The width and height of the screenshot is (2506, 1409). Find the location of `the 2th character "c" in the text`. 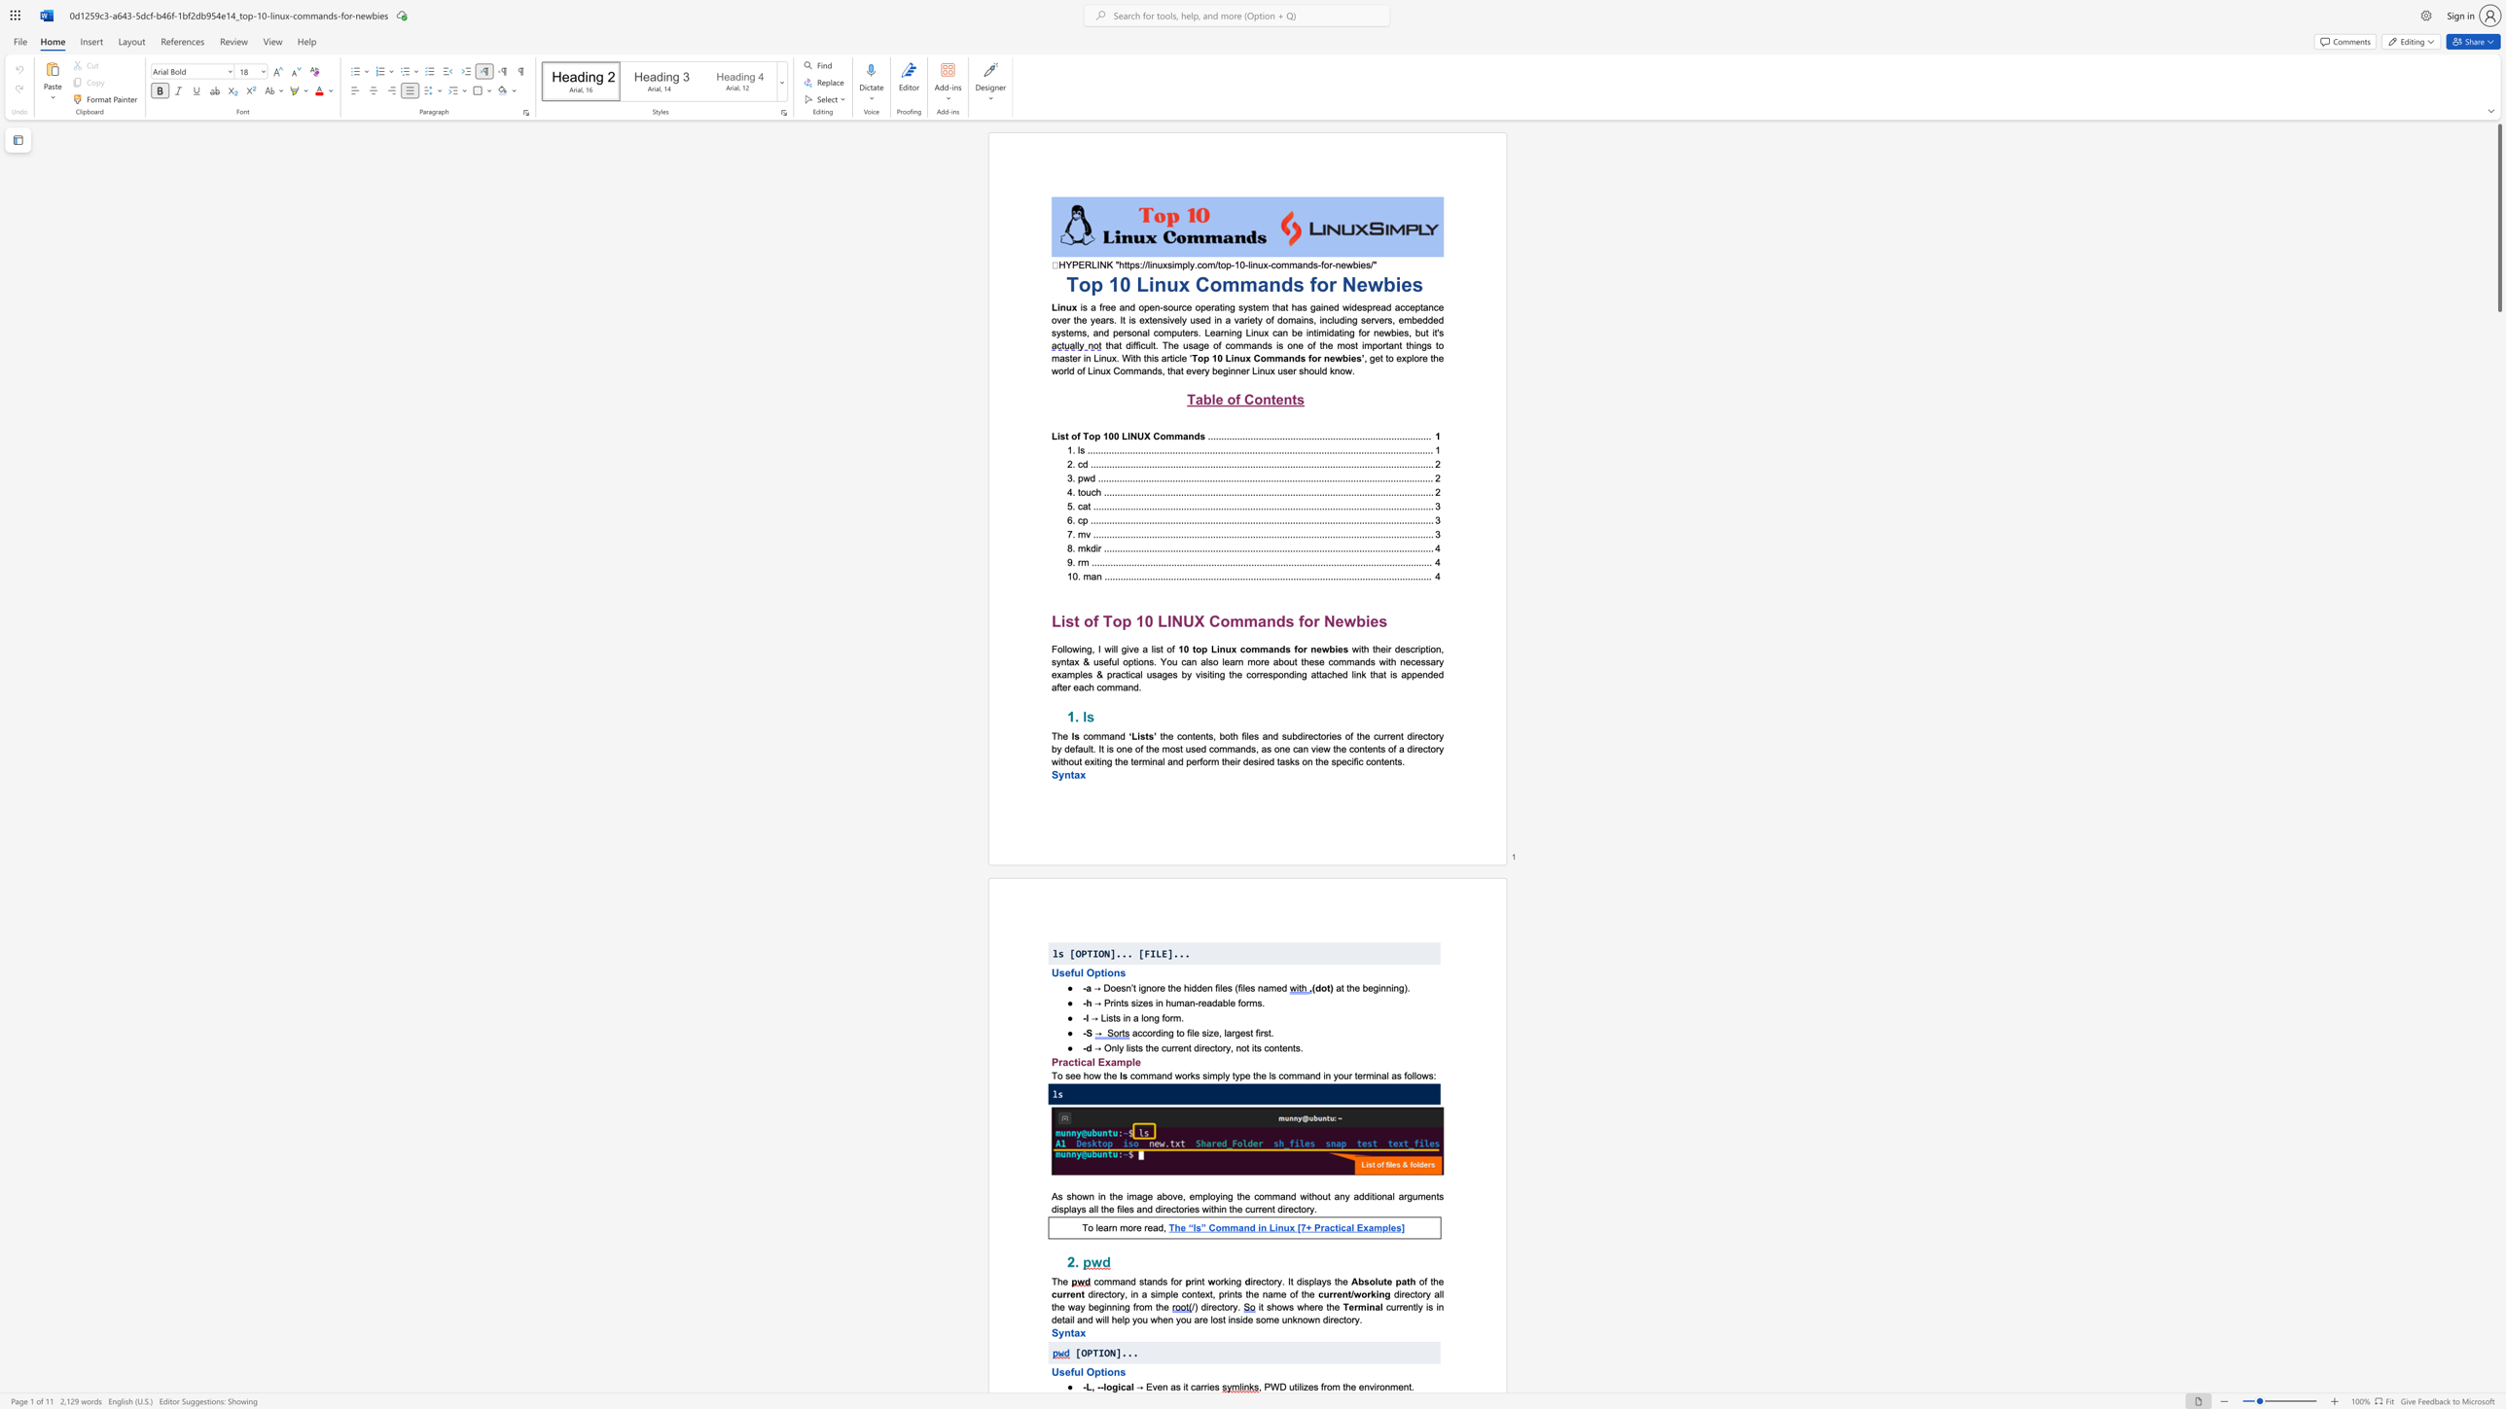

the 2th character "c" in the text is located at coordinates (1144, 1032).